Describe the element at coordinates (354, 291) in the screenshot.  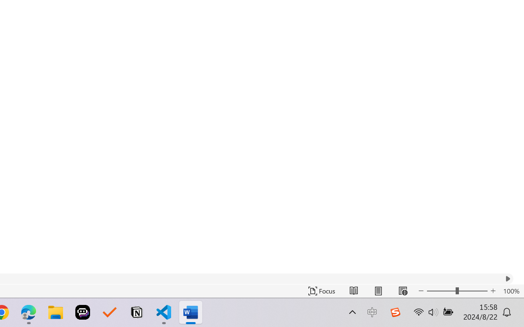
I see `'Read Mode'` at that location.